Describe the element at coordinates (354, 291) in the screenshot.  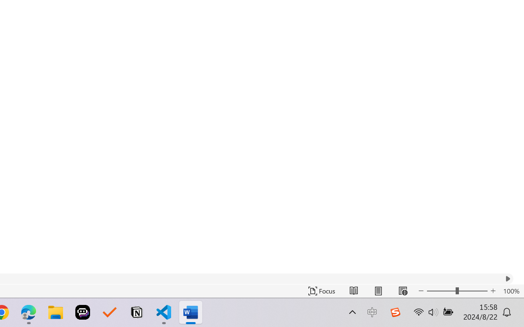
I see `'Read Mode'` at that location.